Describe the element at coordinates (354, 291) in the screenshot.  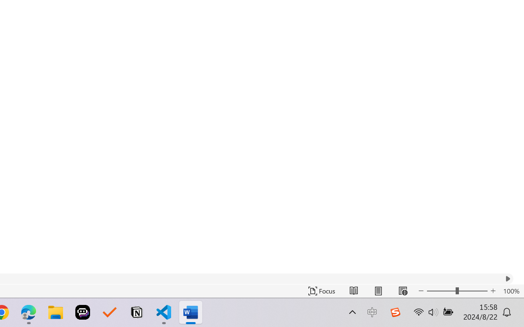
I see `'Read Mode'` at that location.